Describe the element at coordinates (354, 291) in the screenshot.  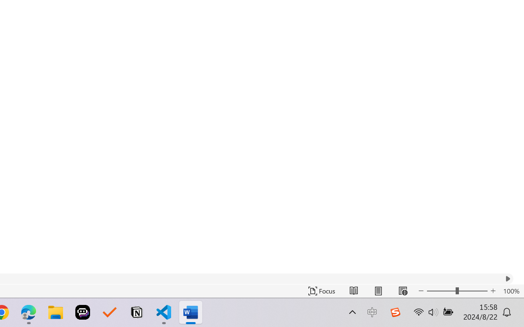
I see `'Read Mode'` at that location.